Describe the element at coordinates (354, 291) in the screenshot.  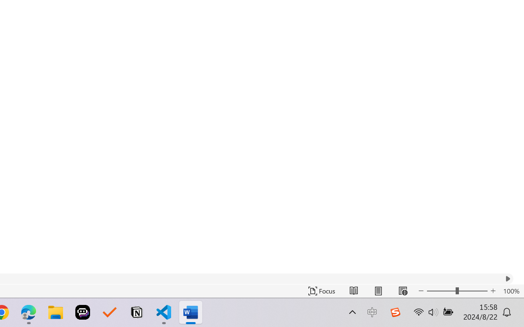
I see `'Read Mode'` at that location.